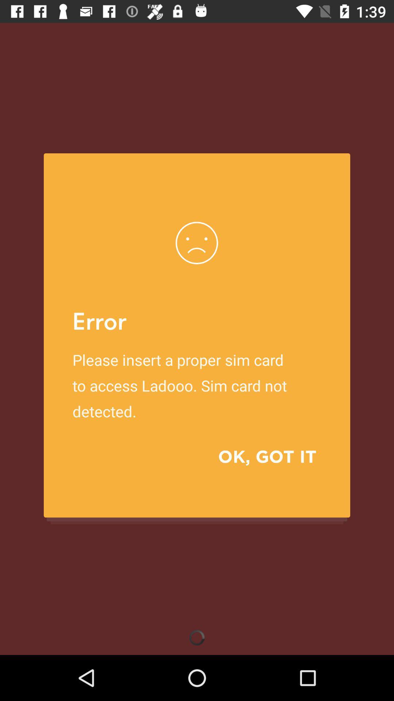 This screenshot has height=701, width=394. I want to click on the icon below the please insert a, so click(256, 456).